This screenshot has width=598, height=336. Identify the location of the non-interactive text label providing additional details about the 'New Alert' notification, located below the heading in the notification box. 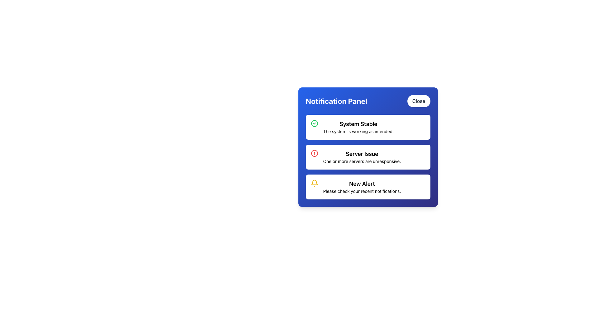
(362, 191).